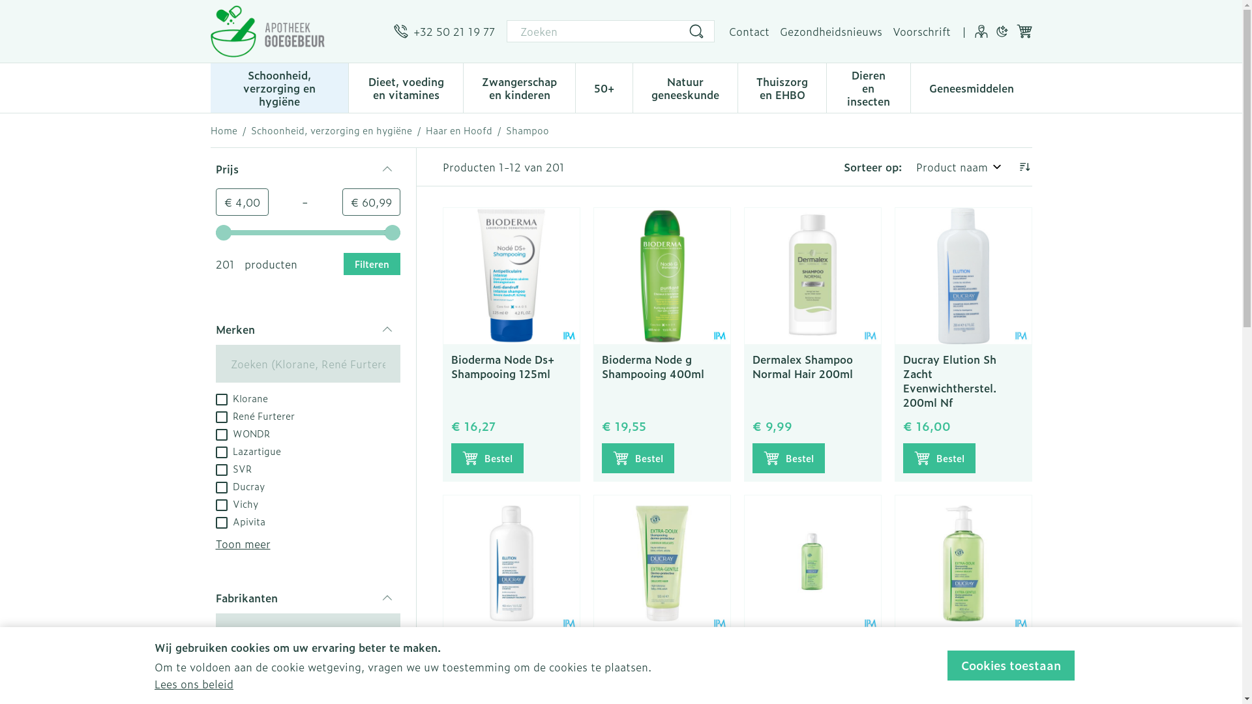 The image size is (1252, 704). What do you see at coordinates (1022, 30) in the screenshot?
I see `'Winkelwagen'` at bounding box center [1022, 30].